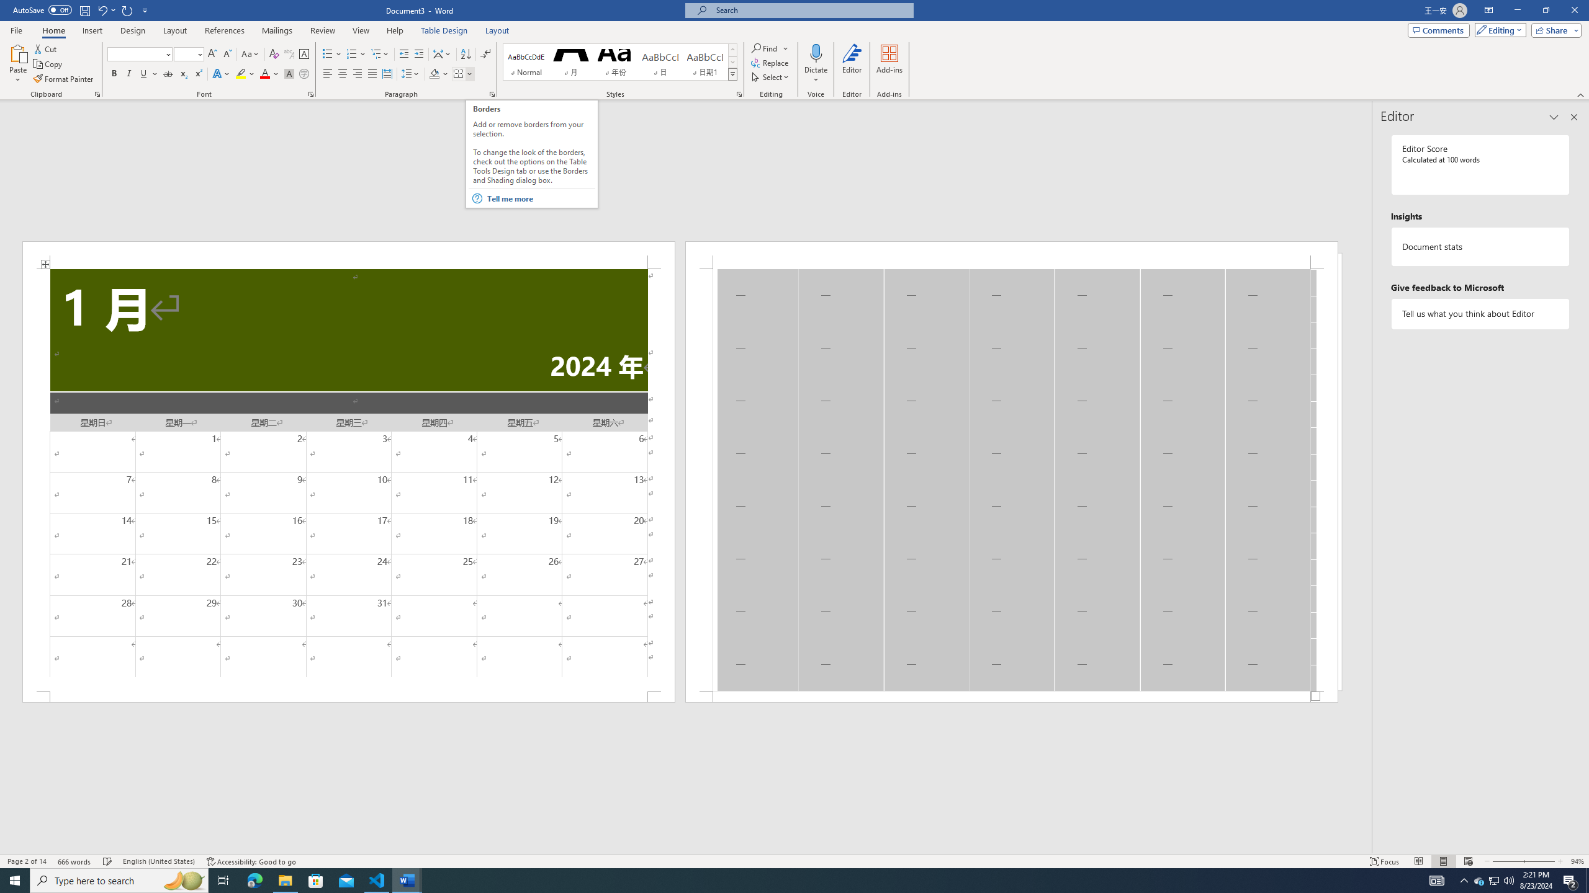 This screenshot has width=1589, height=893. What do you see at coordinates (108, 861) in the screenshot?
I see `'Spelling and Grammar Check Checking'` at bounding box center [108, 861].